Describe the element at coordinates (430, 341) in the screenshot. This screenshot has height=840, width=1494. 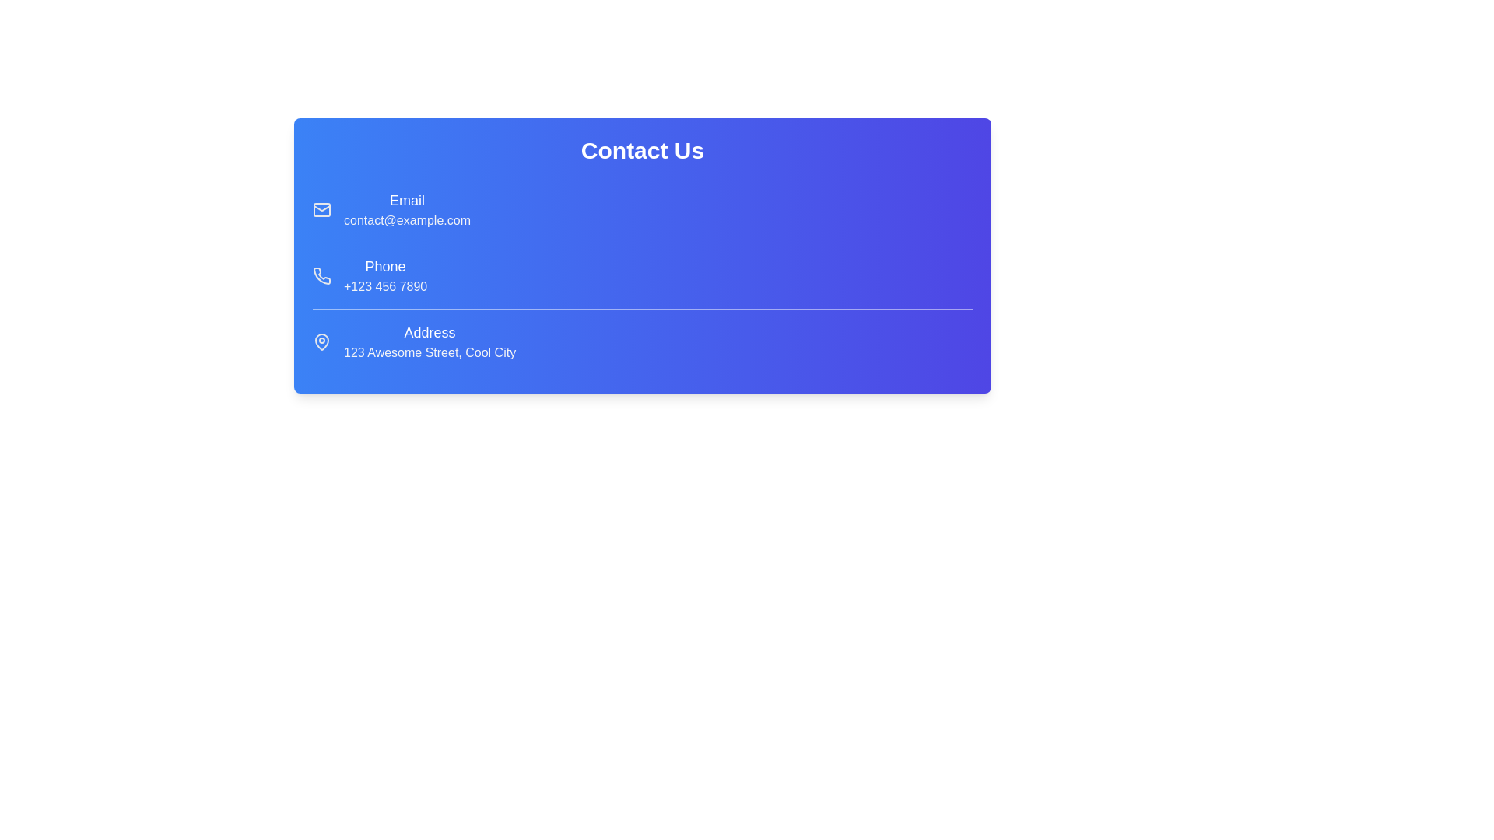
I see `the static text element displaying the postal address in the lower part of the contact information card, which is aligned to the left and appears after 'Email' and 'Phone'` at that location.